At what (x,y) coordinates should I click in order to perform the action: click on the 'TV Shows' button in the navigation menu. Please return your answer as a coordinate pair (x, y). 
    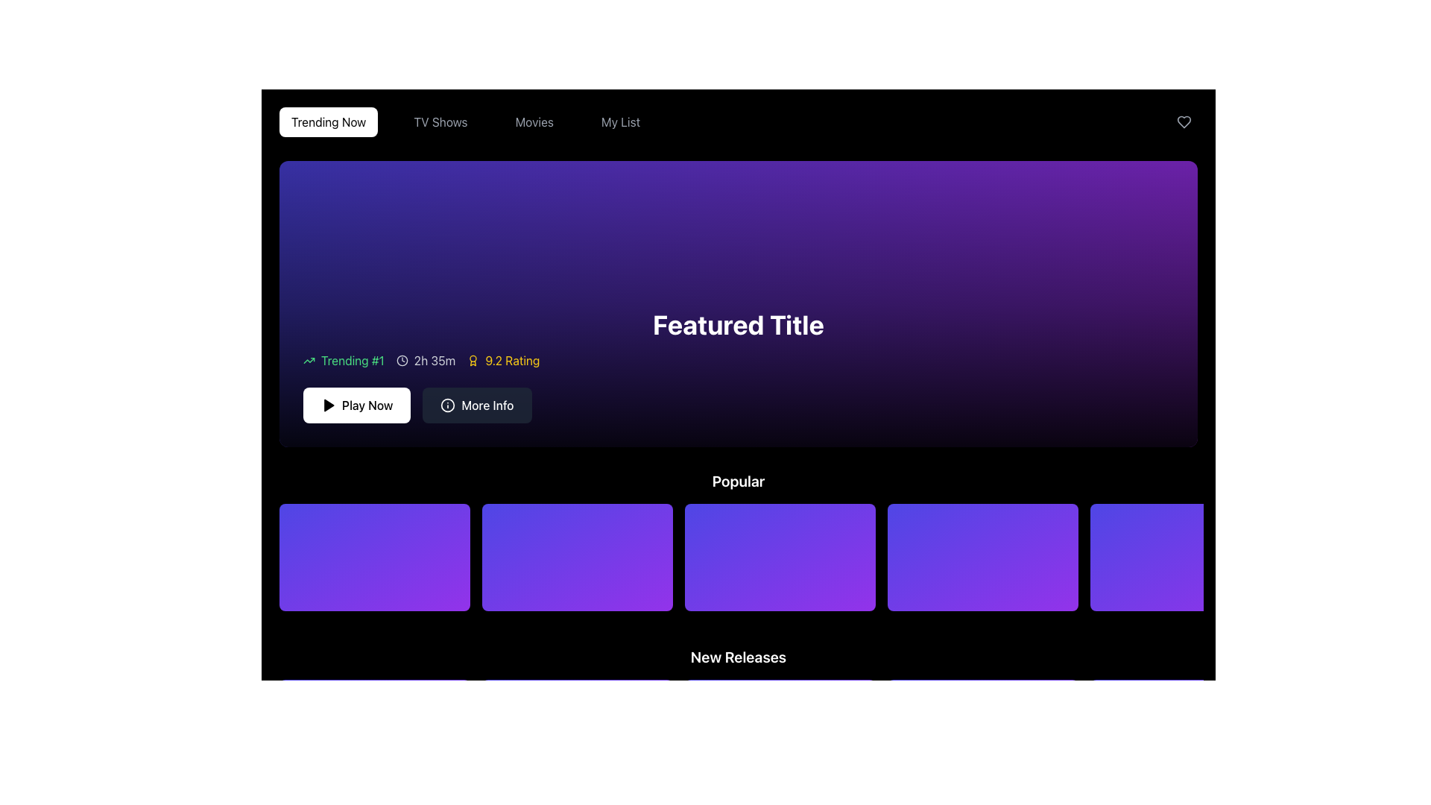
    Looking at the image, I should click on (439, 121).